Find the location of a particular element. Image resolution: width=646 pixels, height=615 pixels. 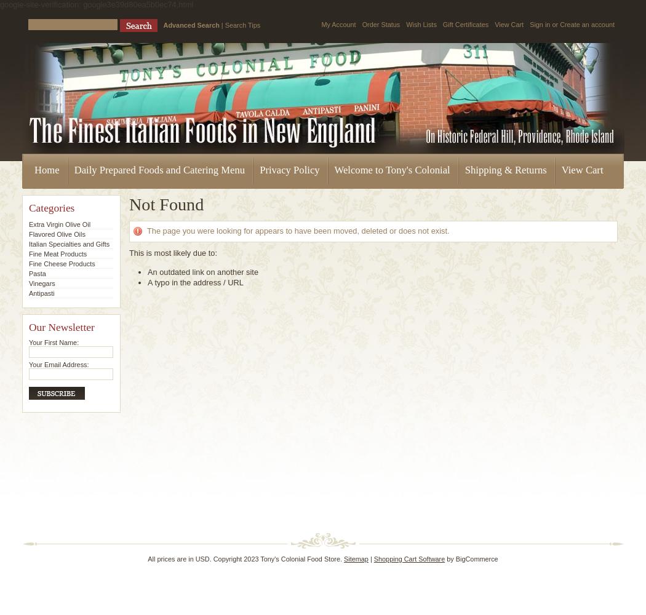

'An outdated link on another site' is located at coordinates (203, 271).